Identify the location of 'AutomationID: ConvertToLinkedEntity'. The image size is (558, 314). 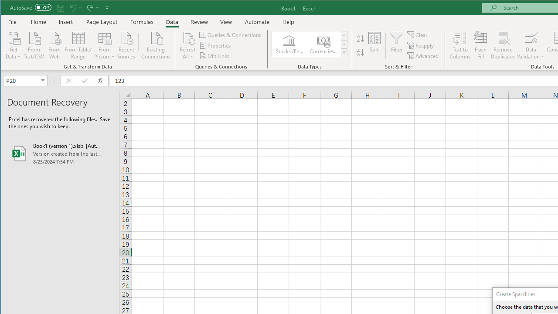
(310, 44).